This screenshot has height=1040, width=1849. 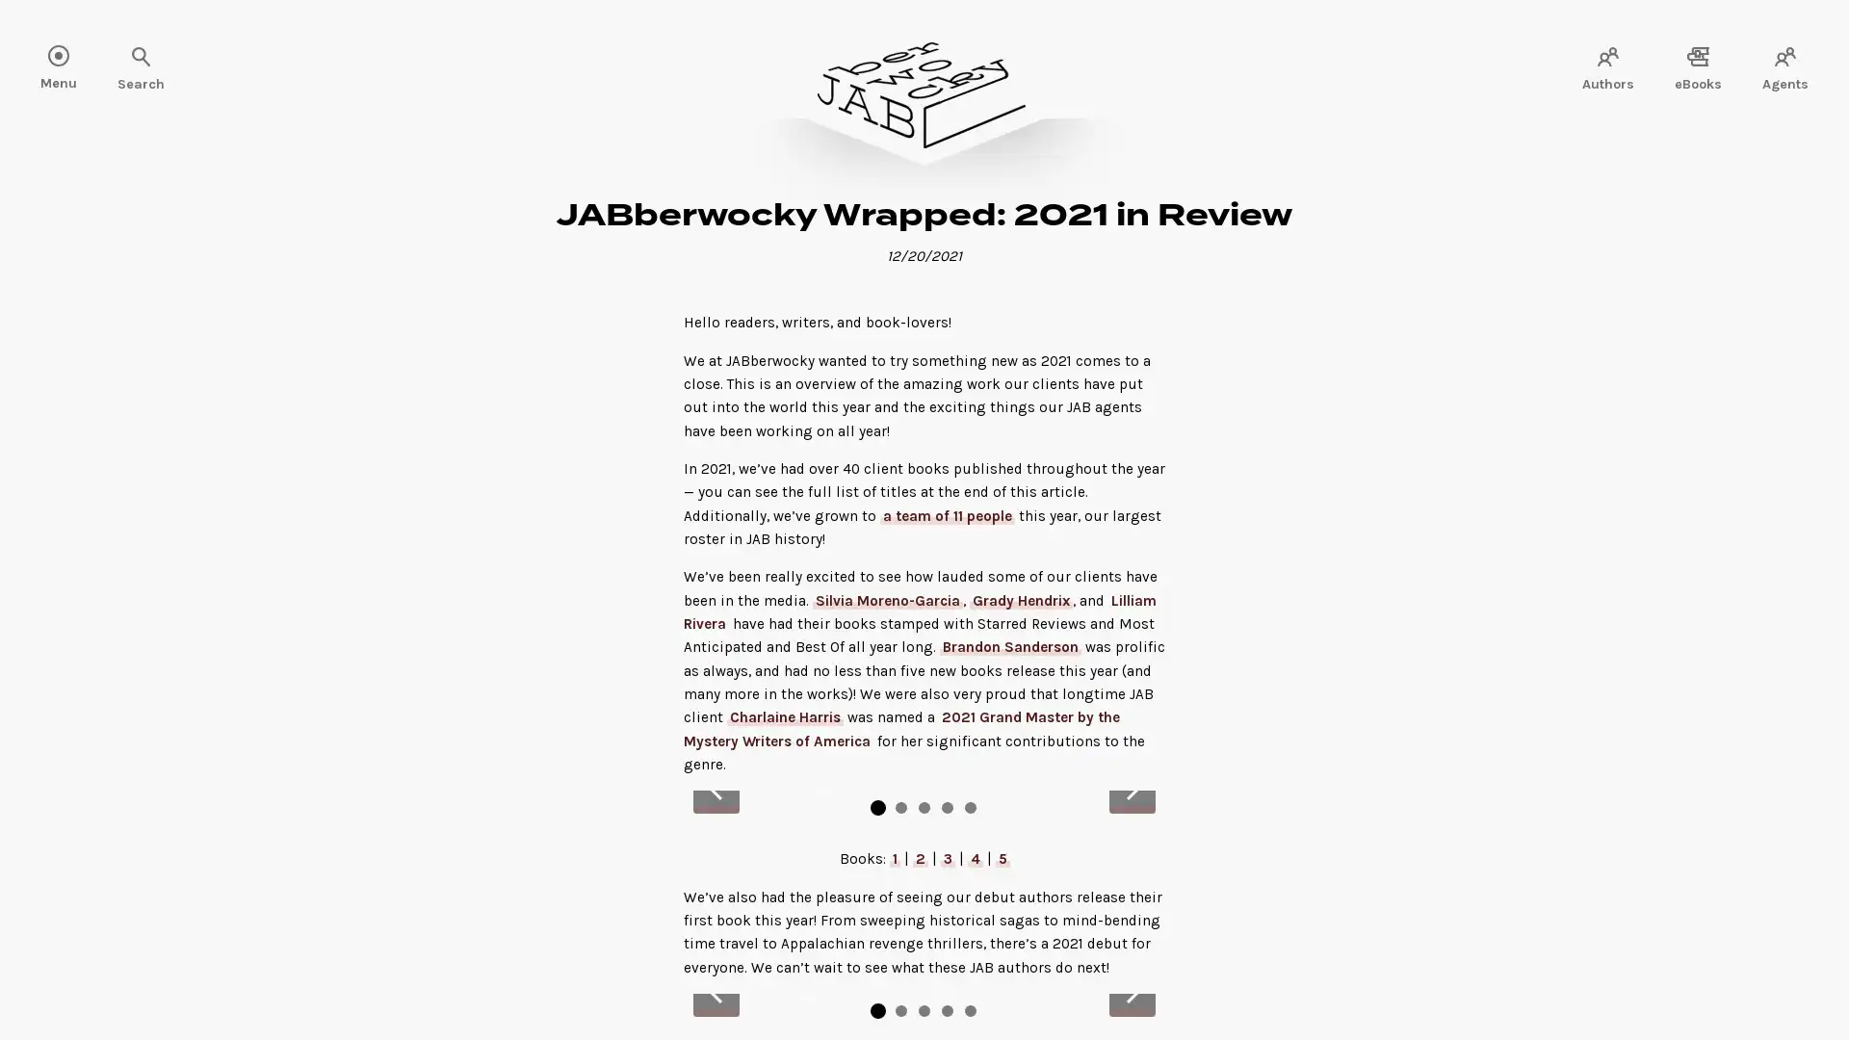 What do you see at coordinates (900, 1009) in the screenshot?
I see `Go to slide 2` at bounding box center [900, 1009].